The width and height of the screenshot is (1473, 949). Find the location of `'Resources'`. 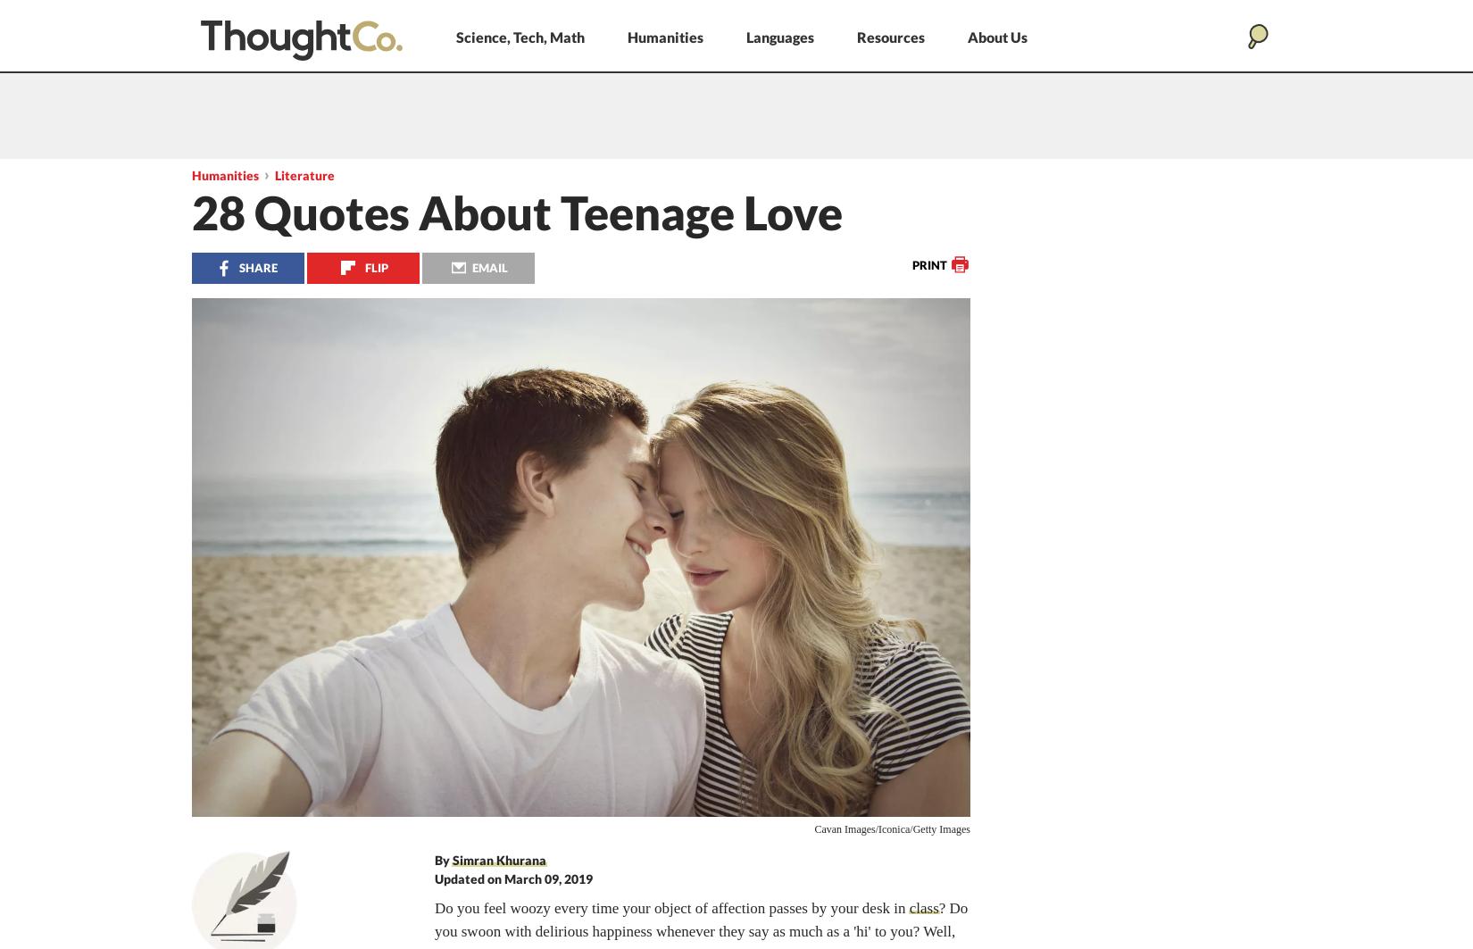

'Resources' is located at coordinates (890, 37).